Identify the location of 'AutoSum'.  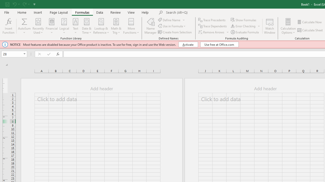
(24, 26).